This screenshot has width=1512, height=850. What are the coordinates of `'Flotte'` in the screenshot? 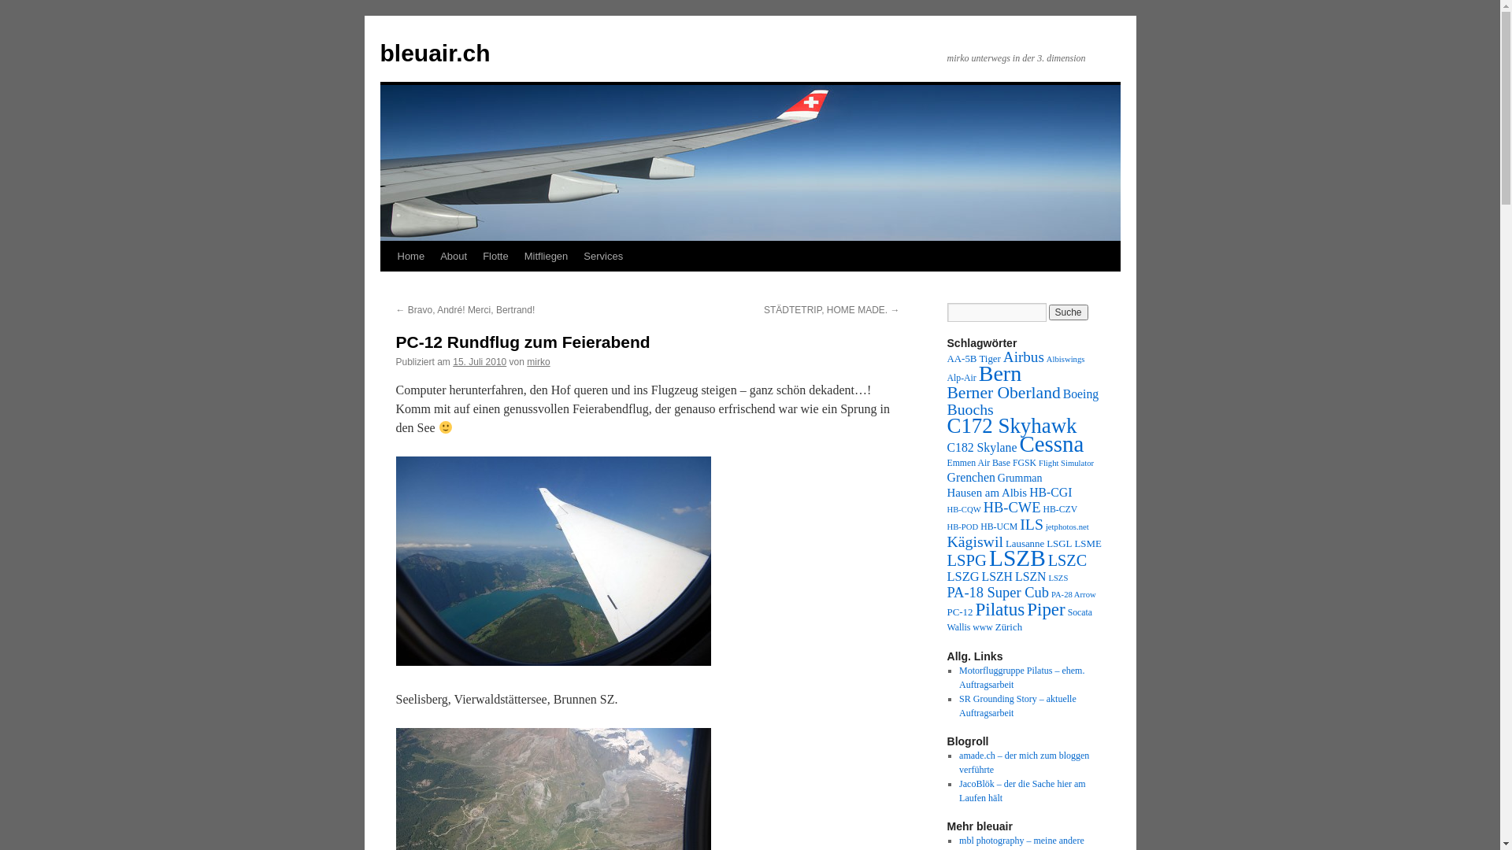 It's located at (495, 256).